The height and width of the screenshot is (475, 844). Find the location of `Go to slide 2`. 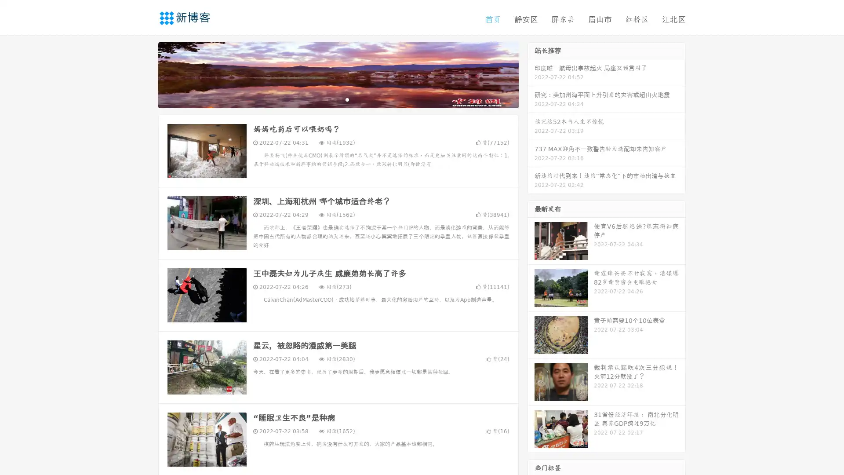

Go to slide 2 is located at coordinates (338, 99).